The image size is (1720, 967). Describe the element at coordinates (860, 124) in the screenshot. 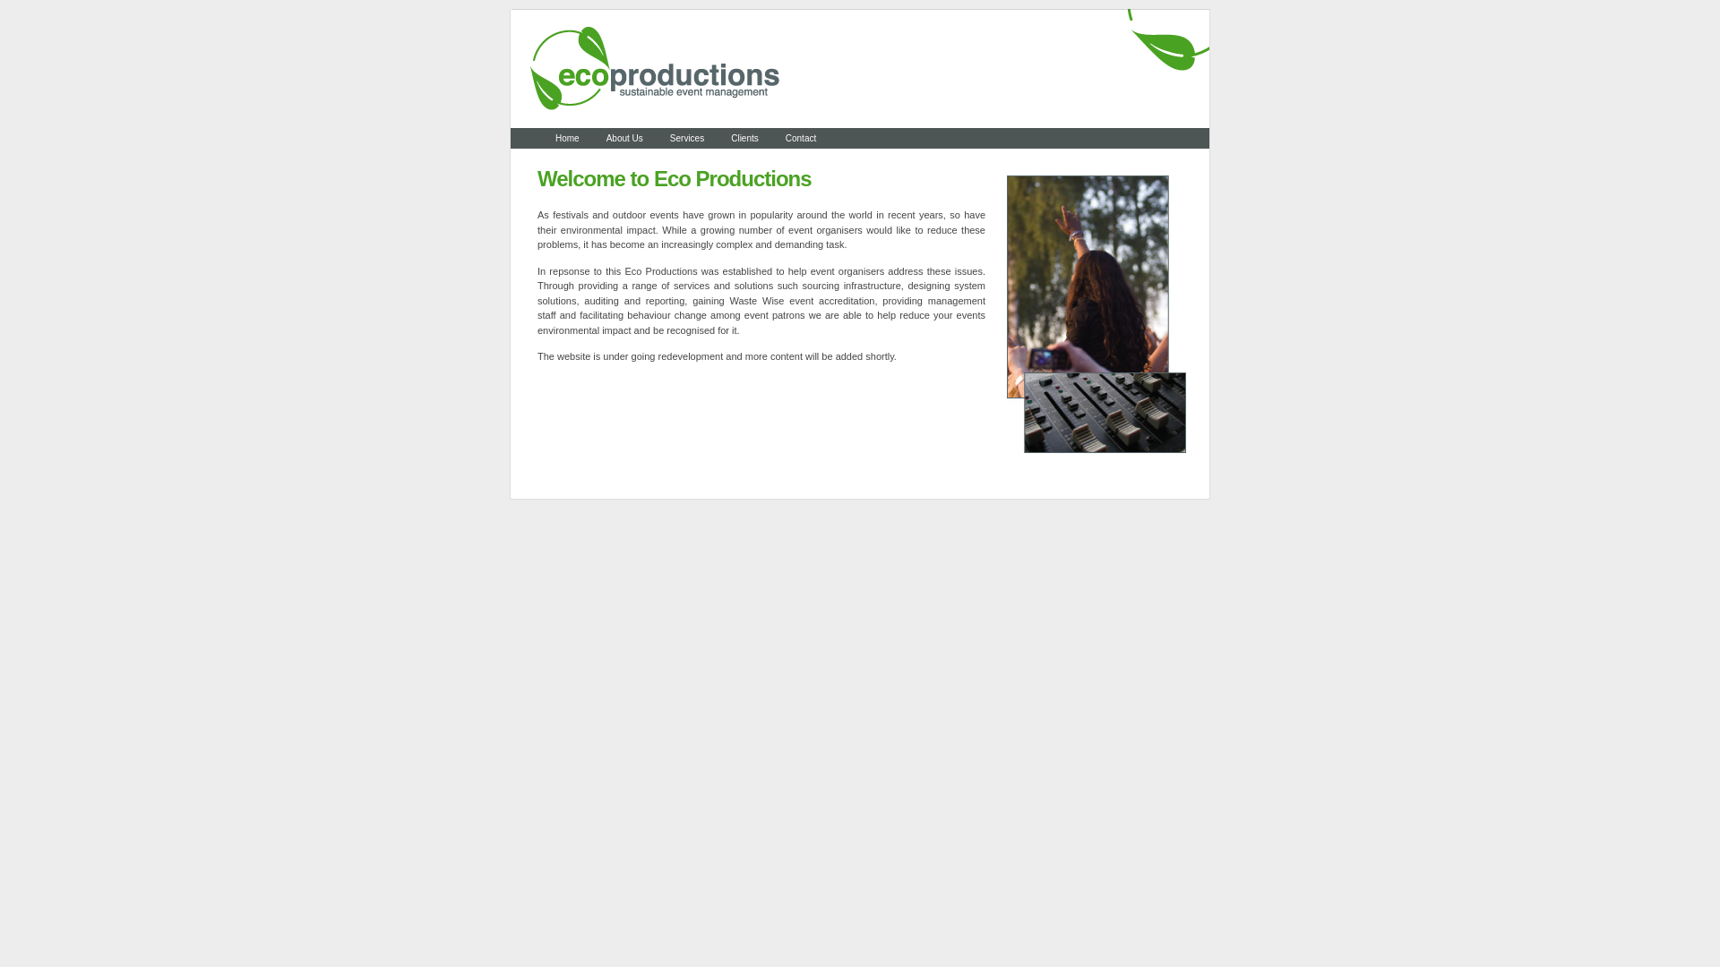

I see `'Eco Productions'` at that location.